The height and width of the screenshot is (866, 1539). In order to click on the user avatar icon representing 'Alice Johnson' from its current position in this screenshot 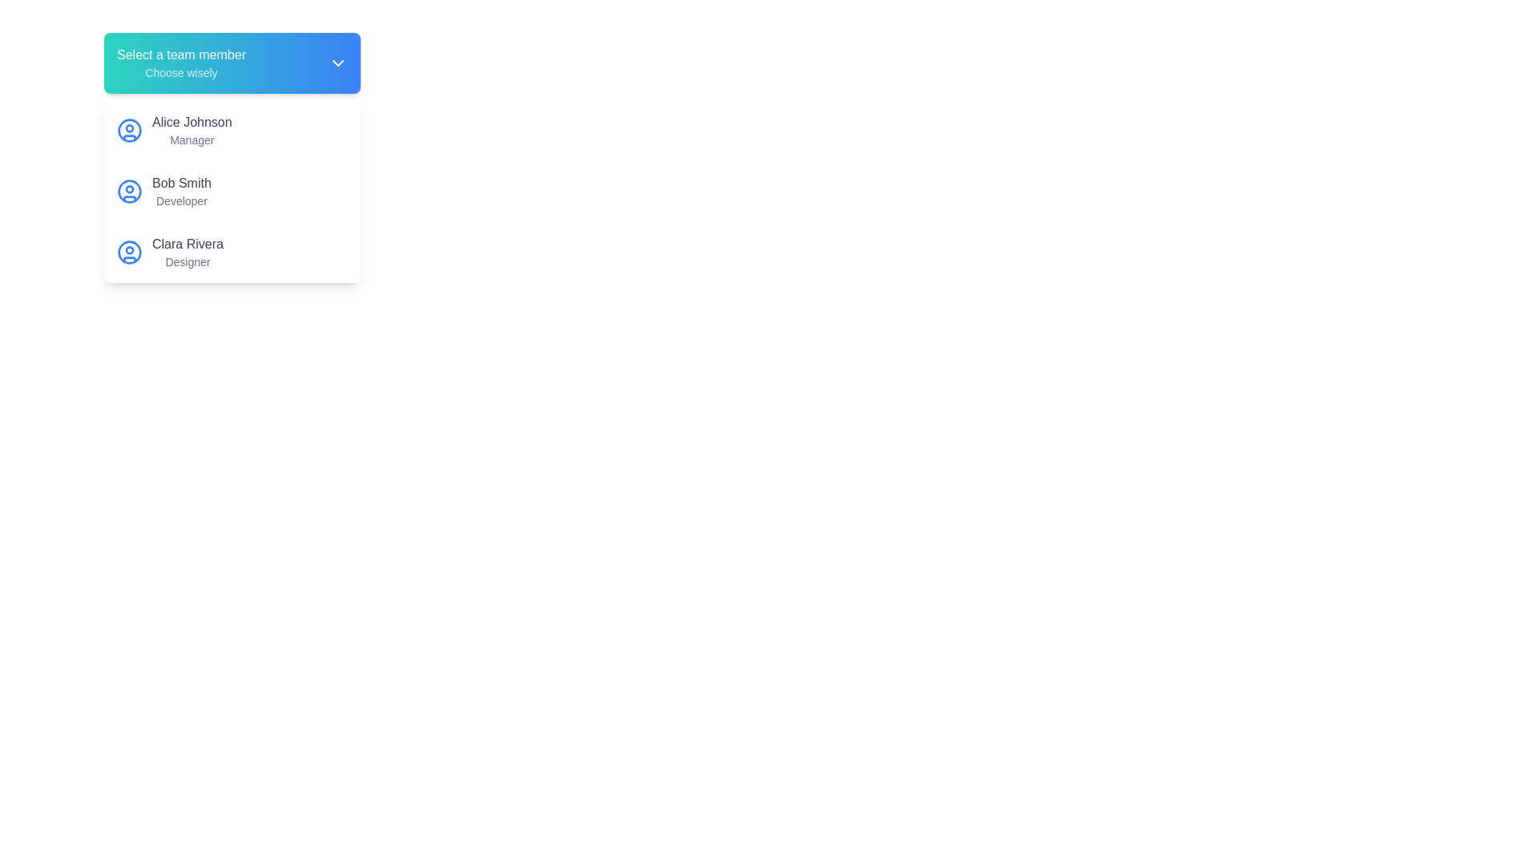, I will do `click(130, 129)`.